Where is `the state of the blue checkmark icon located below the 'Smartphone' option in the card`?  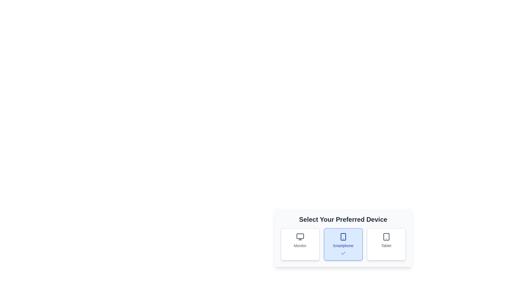
the state of the blue checkmark icon located below the 'Smartphone' option in the card is located at coordinates (343, 253).